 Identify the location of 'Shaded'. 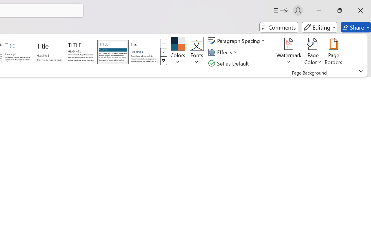
(113, 51).